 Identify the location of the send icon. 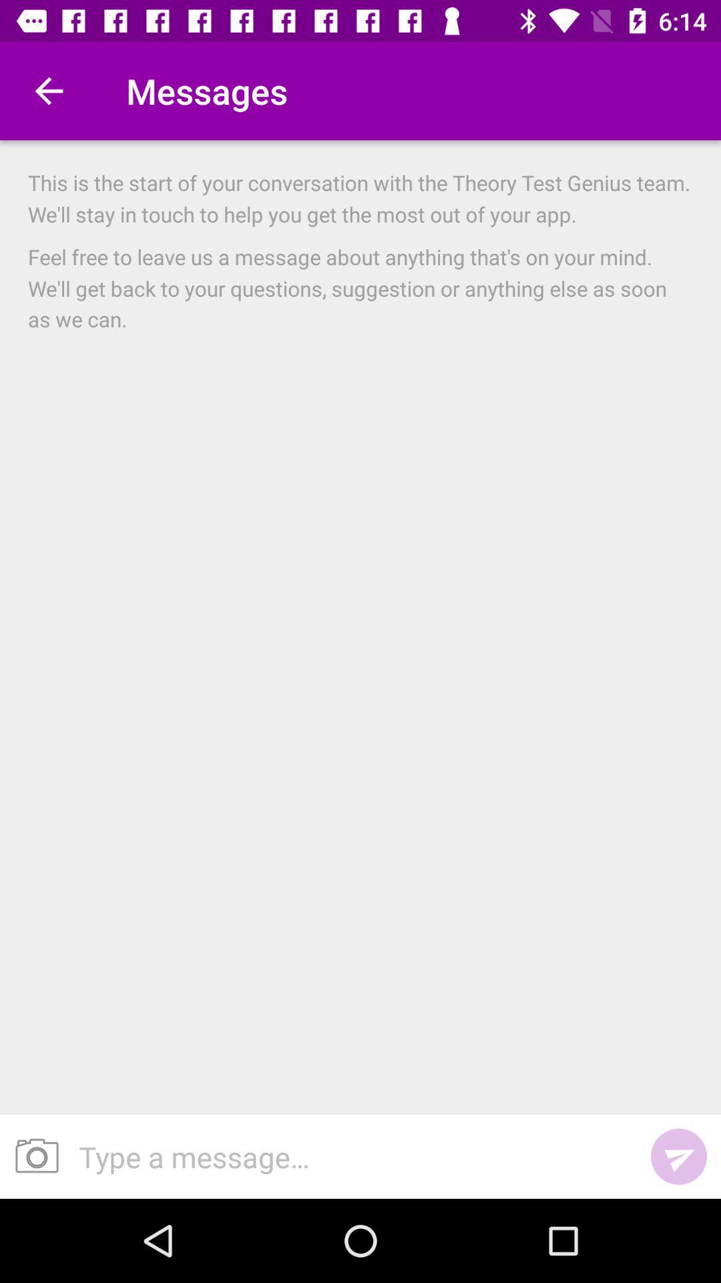
(679, 1156).